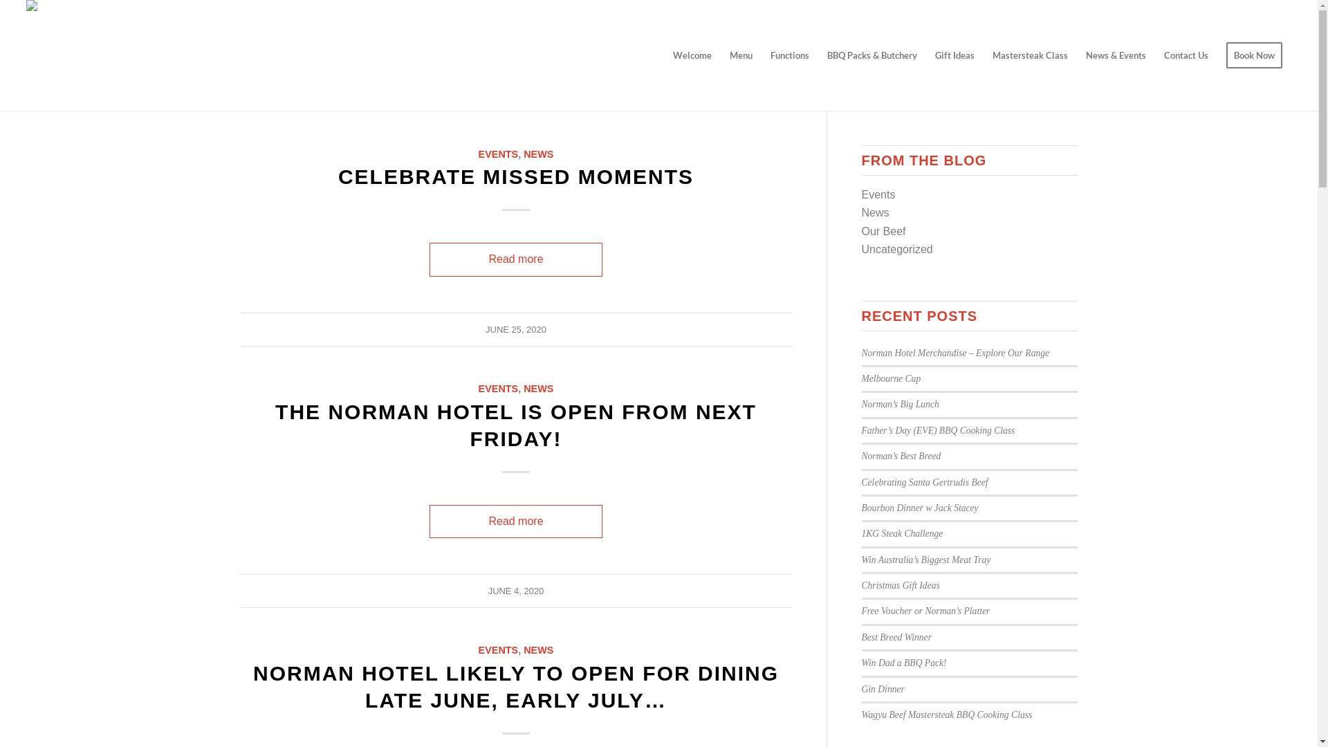 The width and height of the screenshot is (1328, 747). Describe the element at coordinates (883, 230) in the screenshot. I see `'Our Beef'` at that location.